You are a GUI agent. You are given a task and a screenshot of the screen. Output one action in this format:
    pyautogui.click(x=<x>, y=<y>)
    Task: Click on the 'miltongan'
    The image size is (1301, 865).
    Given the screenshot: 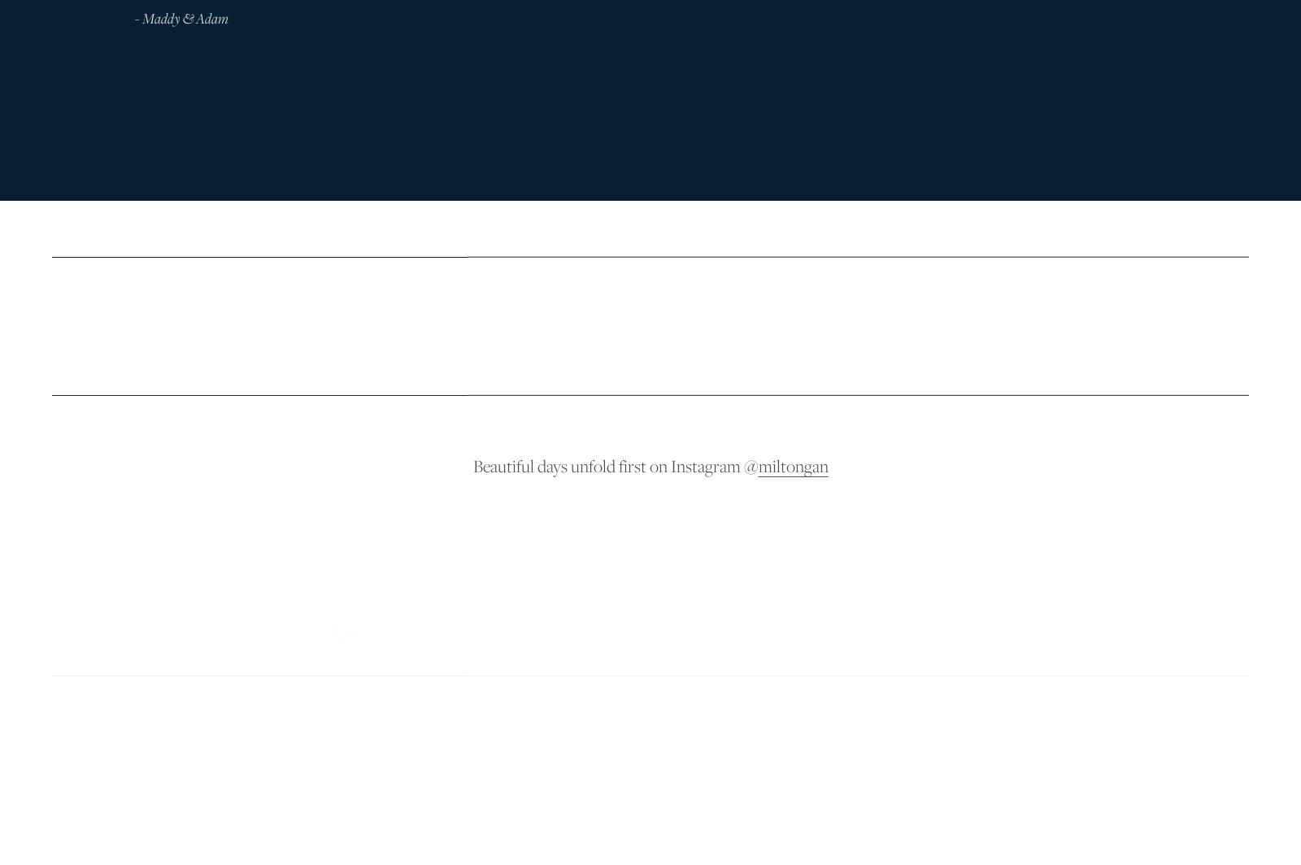 What is the action you would take?
    pyautogui.click(x=792, y=463)
    